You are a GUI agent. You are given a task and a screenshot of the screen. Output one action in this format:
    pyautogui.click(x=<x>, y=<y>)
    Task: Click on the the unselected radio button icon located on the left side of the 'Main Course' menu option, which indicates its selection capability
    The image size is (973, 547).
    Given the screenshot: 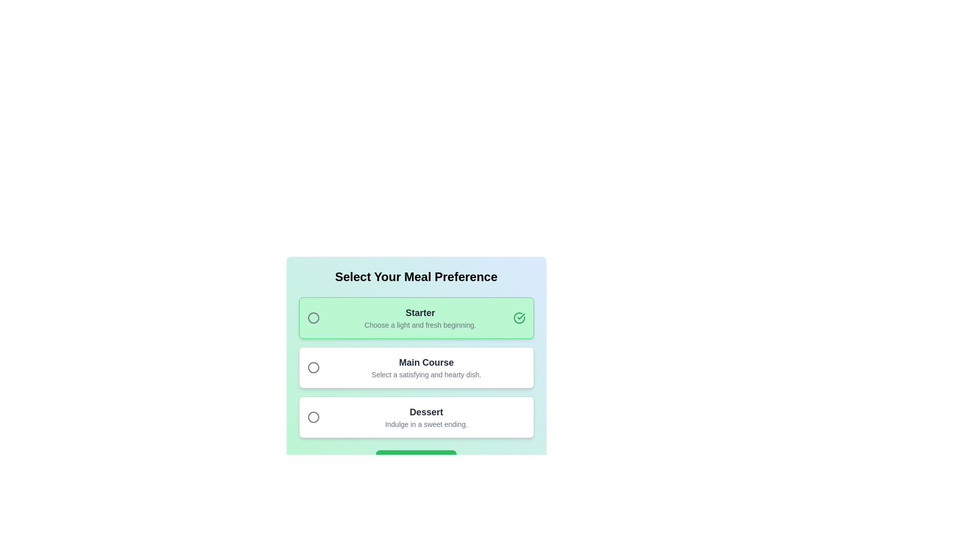 What is the action you would take?
    pyautogui.click(x=313, y=367)
    